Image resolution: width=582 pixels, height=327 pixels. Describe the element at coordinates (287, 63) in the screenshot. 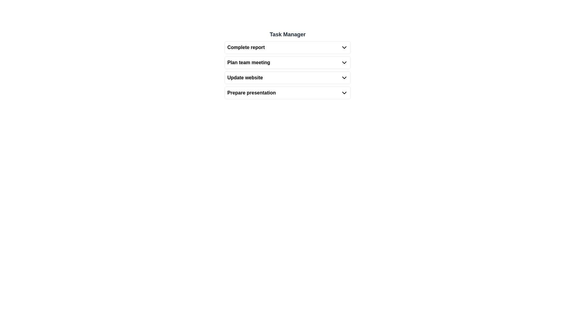

I see `the downward chevron of the task item titled 'Plan team meeting'` at that location.